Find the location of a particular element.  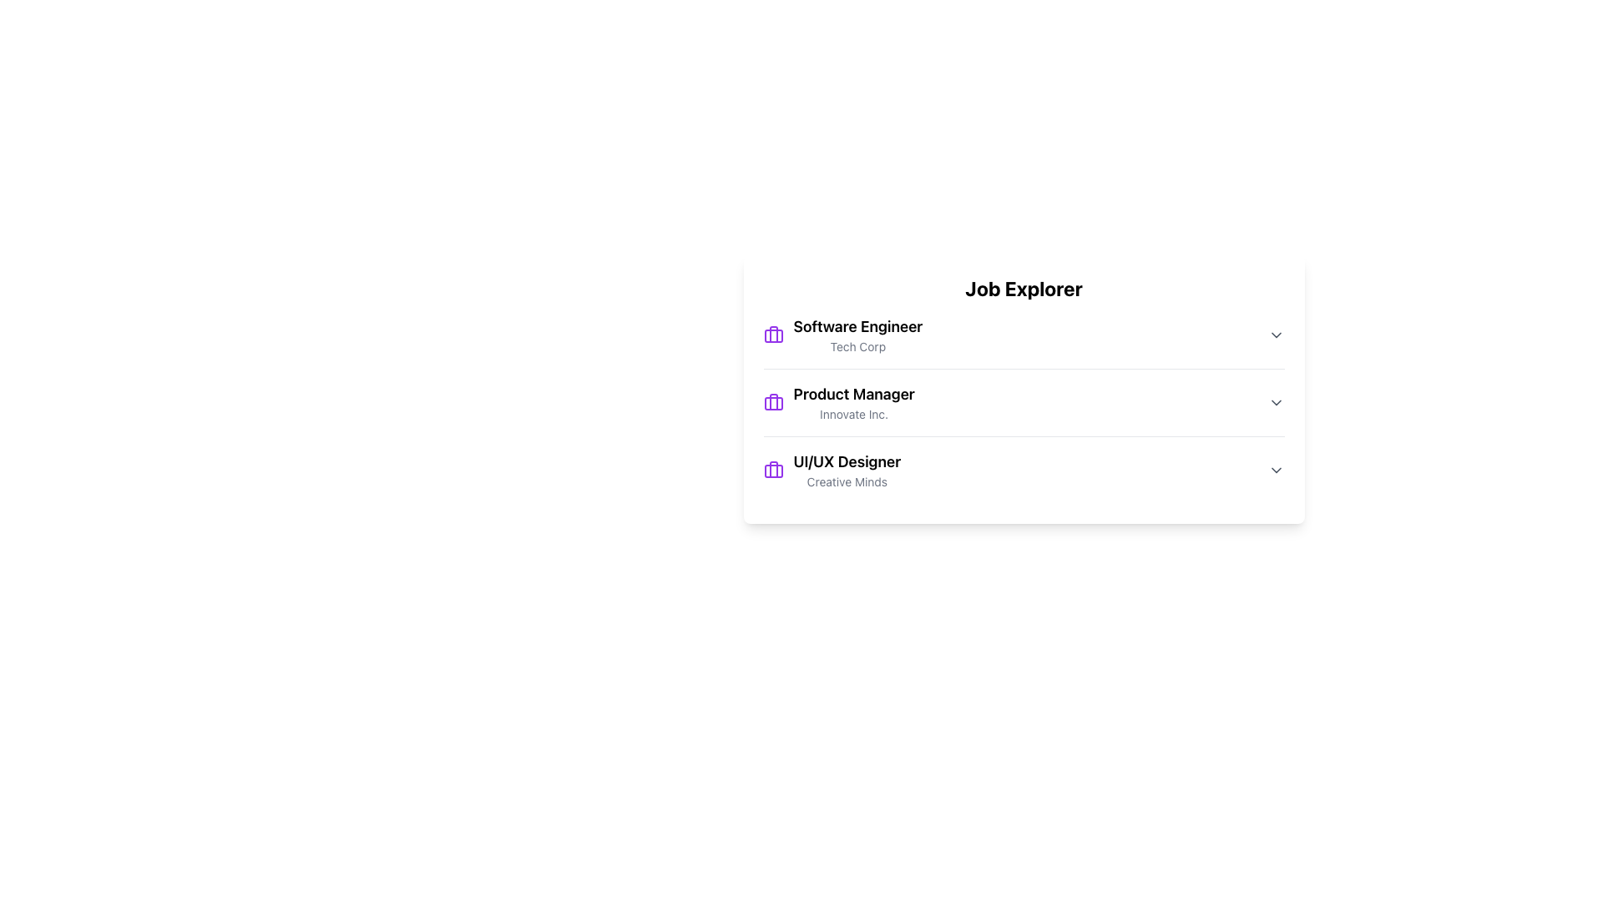

the center of the job listing for 'Product Manager' at 'Innovate Inc.' is located at coordinates (1023, 410).